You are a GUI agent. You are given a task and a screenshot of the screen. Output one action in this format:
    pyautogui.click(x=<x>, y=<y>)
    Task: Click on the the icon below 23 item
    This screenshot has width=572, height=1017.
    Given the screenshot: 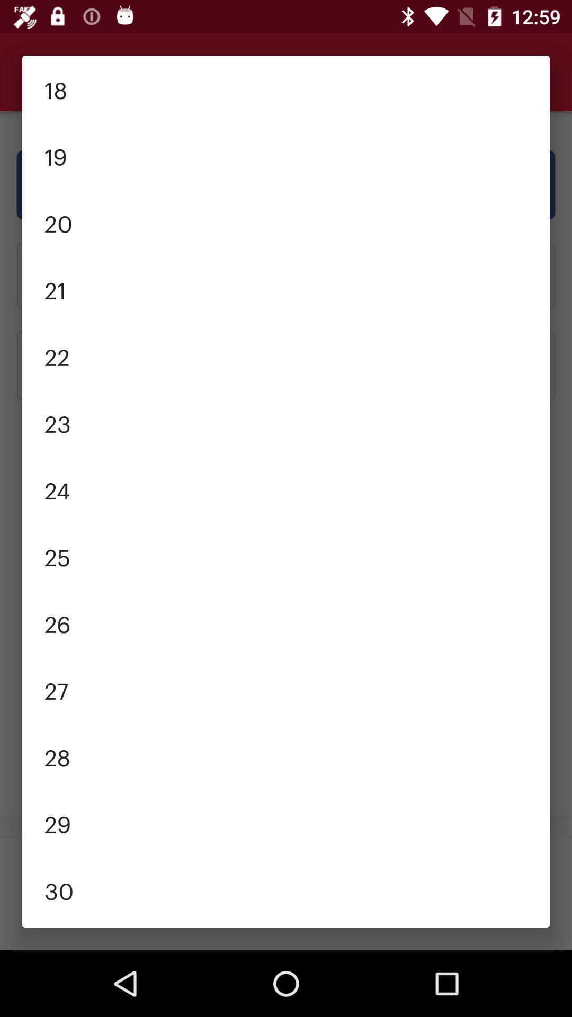 What is the action you would take?
    pyautogui.click(x=286, y=489)
    